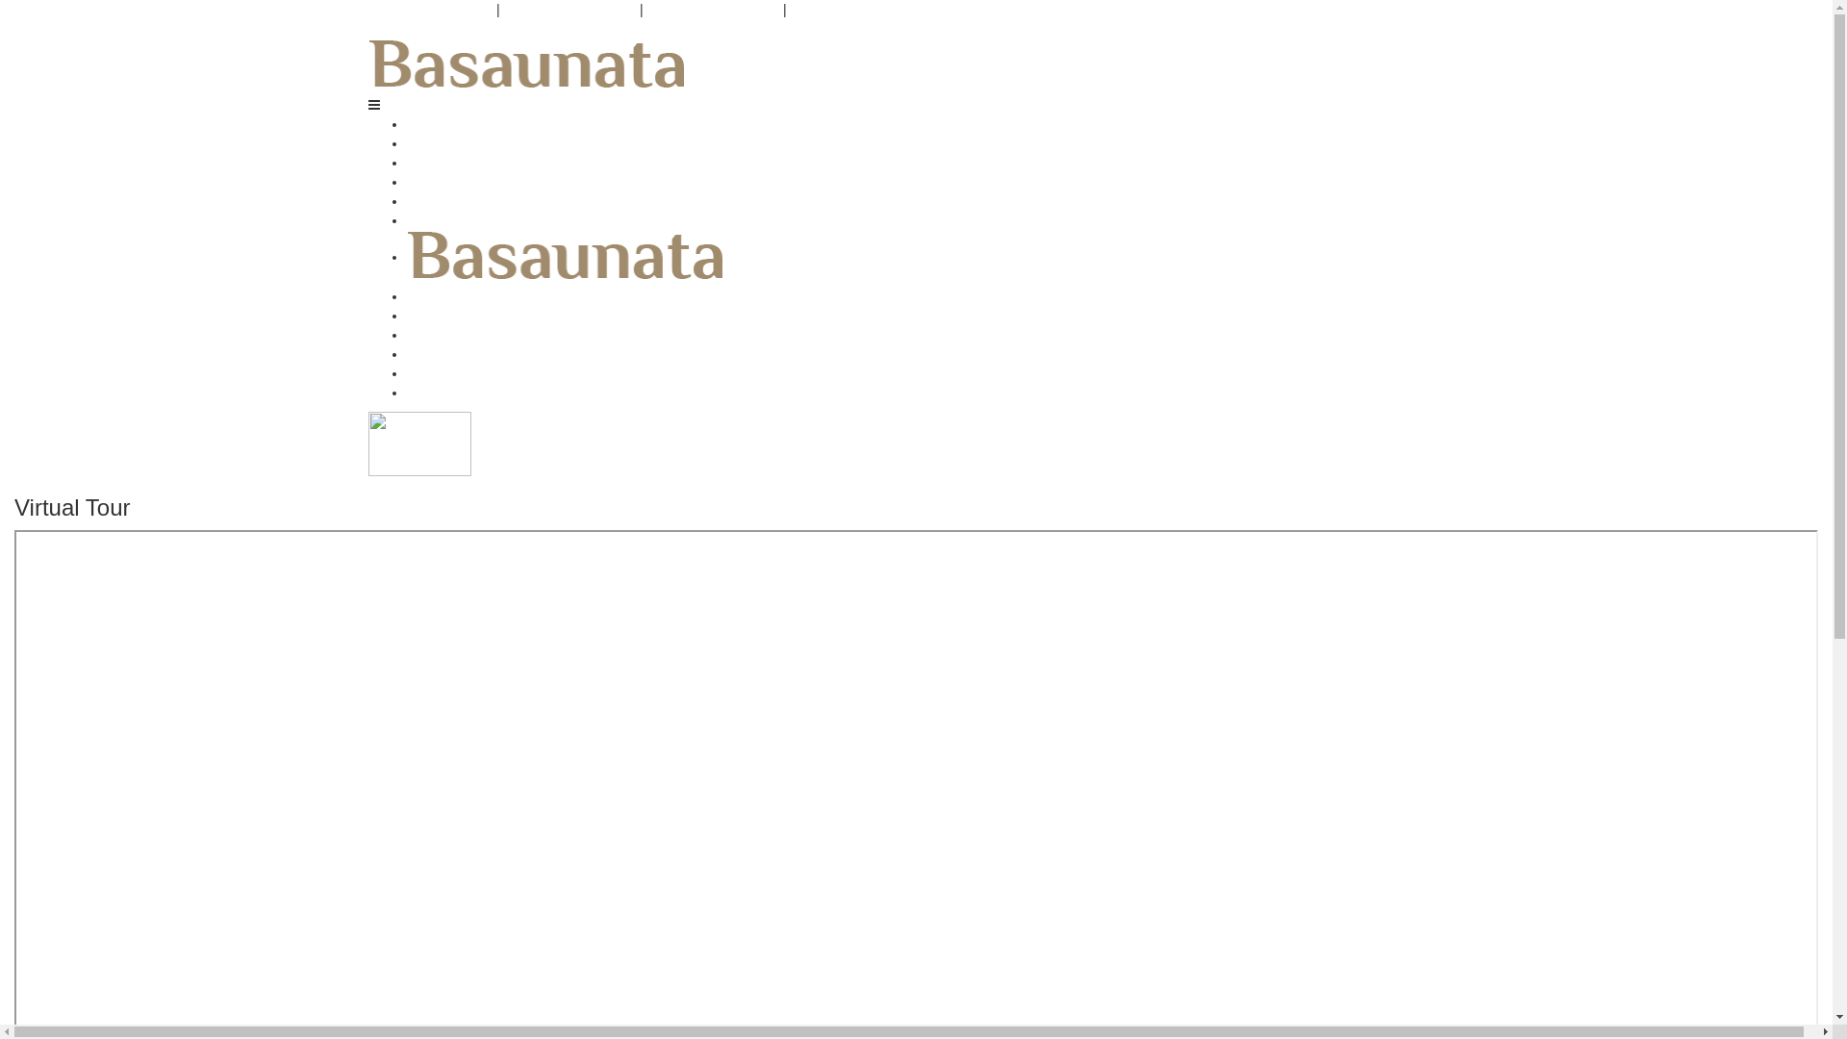 Image resolution: width=1847 pixels, height=1039 pixels. What do you see at coordinates (569, 10) in the screenshot?
I see `'+32 (0)498 51 96 51'` at bounding box center [569, 10].